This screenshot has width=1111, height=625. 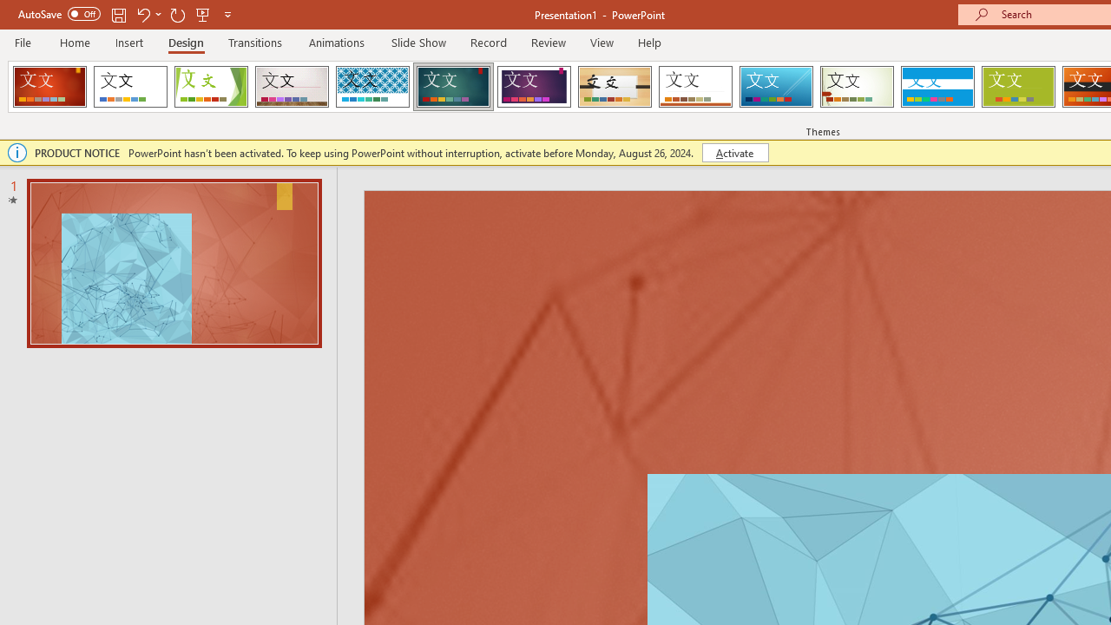 What do you see at coordinates (857, 87) in the screenshot?
I see `'Wisp'` at bounding box center [857, 87].